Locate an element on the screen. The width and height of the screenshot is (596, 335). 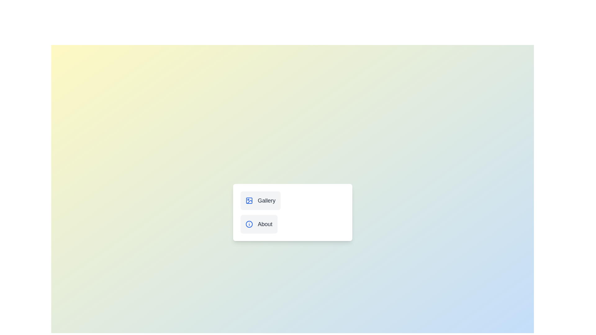
the Gallery button to change the menu state is located at coordinates (260, 201).